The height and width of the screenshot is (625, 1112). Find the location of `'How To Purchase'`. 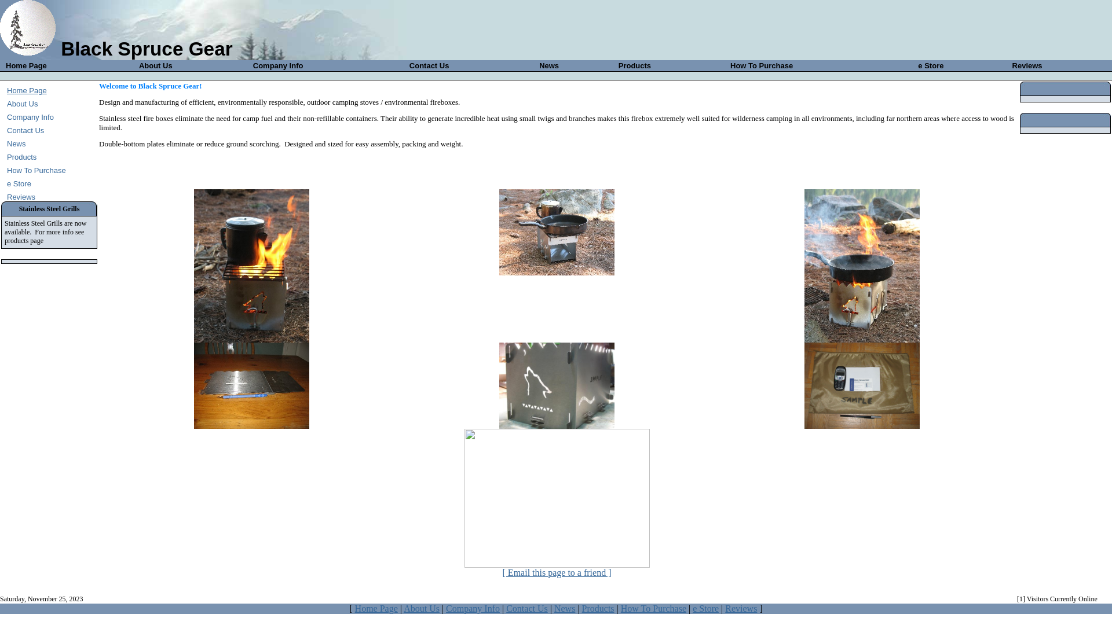

'How To Purchase' is located at coordinates (653, 608).